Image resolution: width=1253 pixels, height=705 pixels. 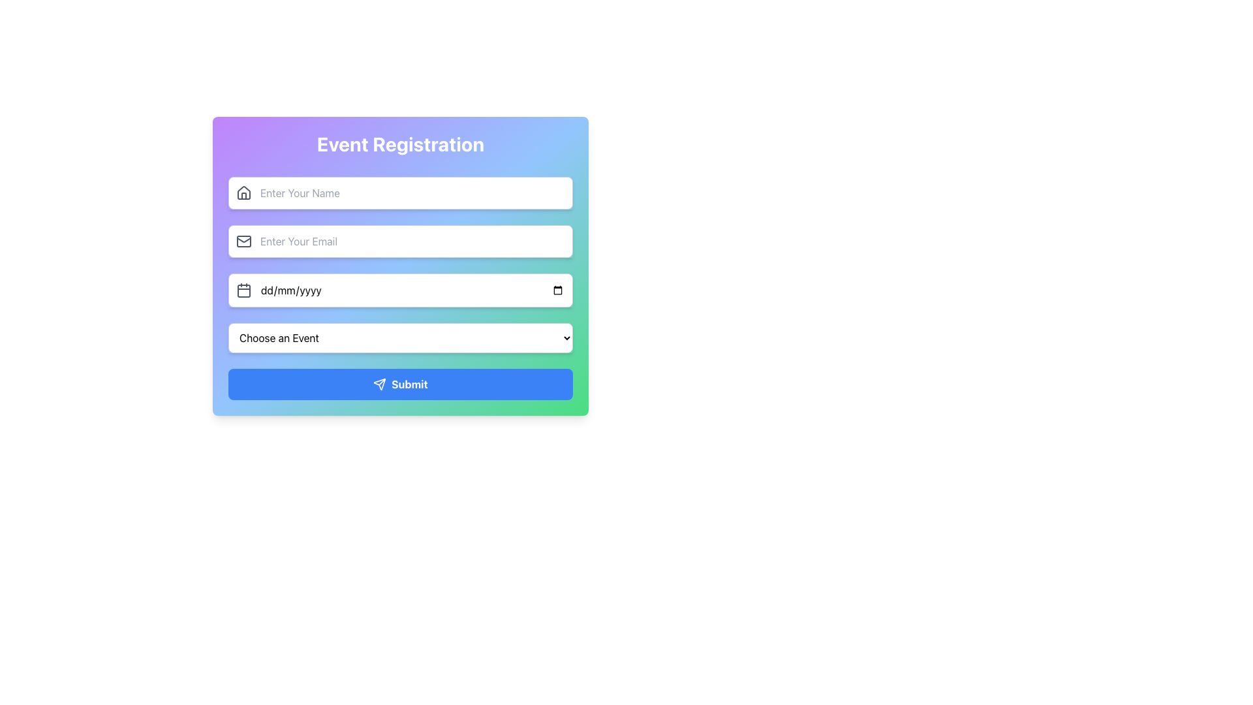 What do you see at coordinates (381, 382) in the screenshot?
I see `the line segment within the SVG graphical element, which serves as part of a visual representation in the interface` at bounding box center [381, 382].